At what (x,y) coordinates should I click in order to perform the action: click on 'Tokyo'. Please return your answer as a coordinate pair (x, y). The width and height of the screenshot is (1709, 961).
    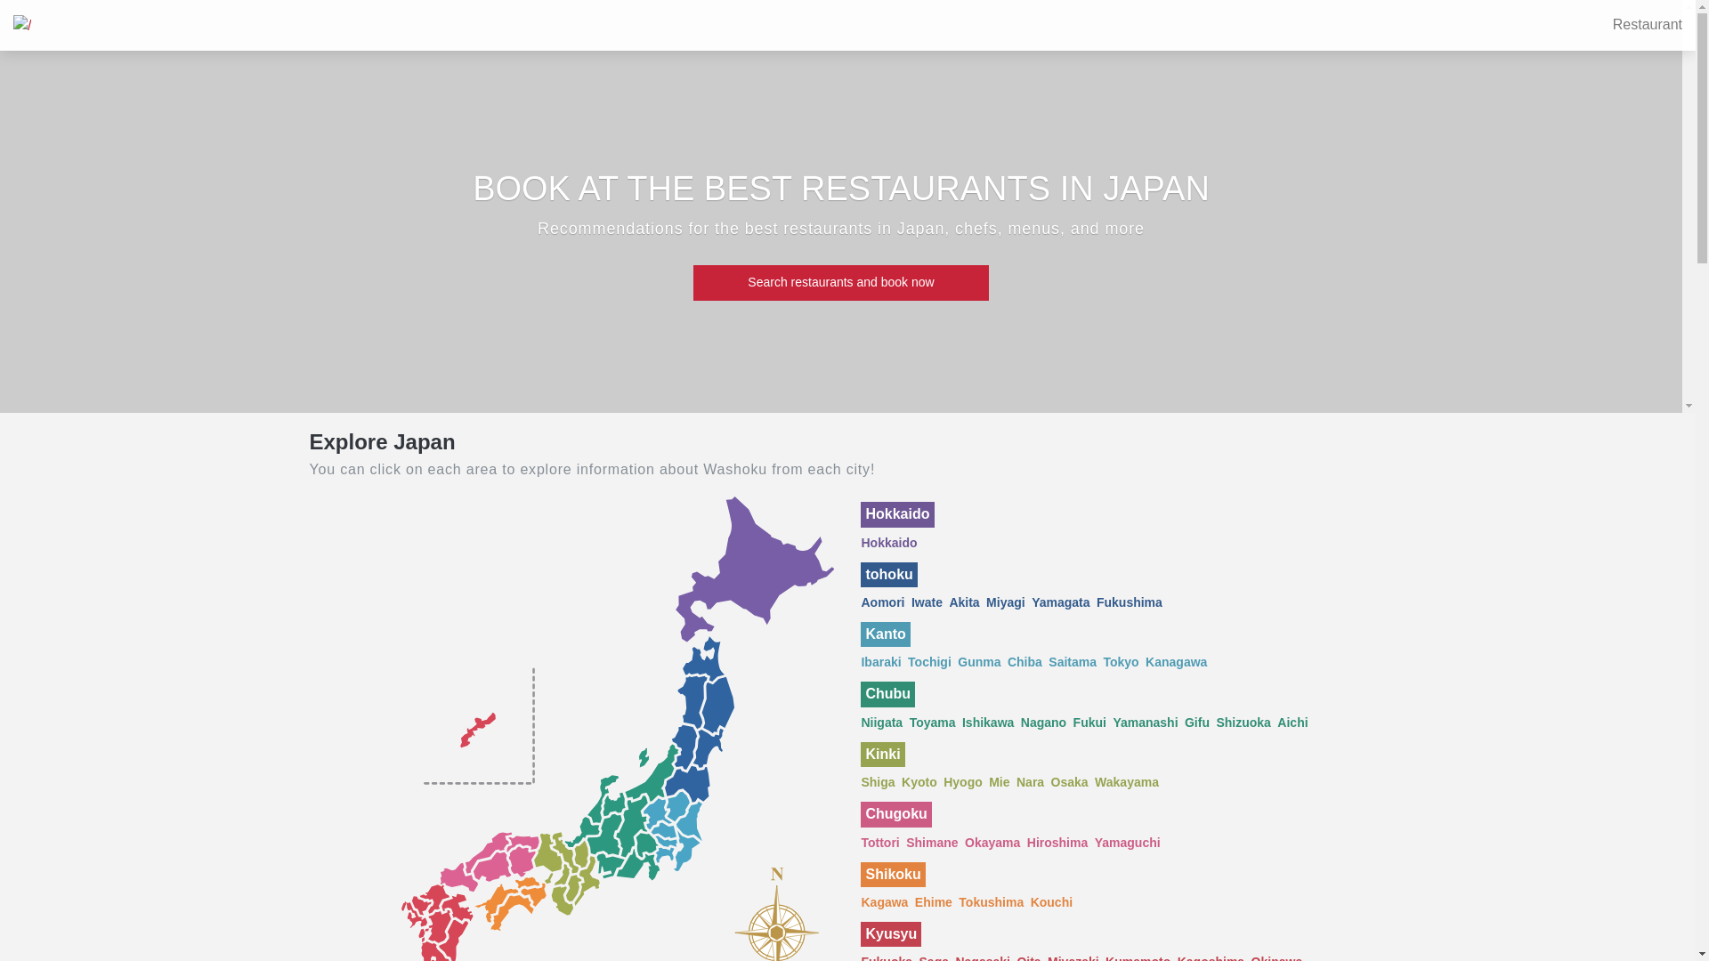
    Looking at the image, I should click on (1101, 662).